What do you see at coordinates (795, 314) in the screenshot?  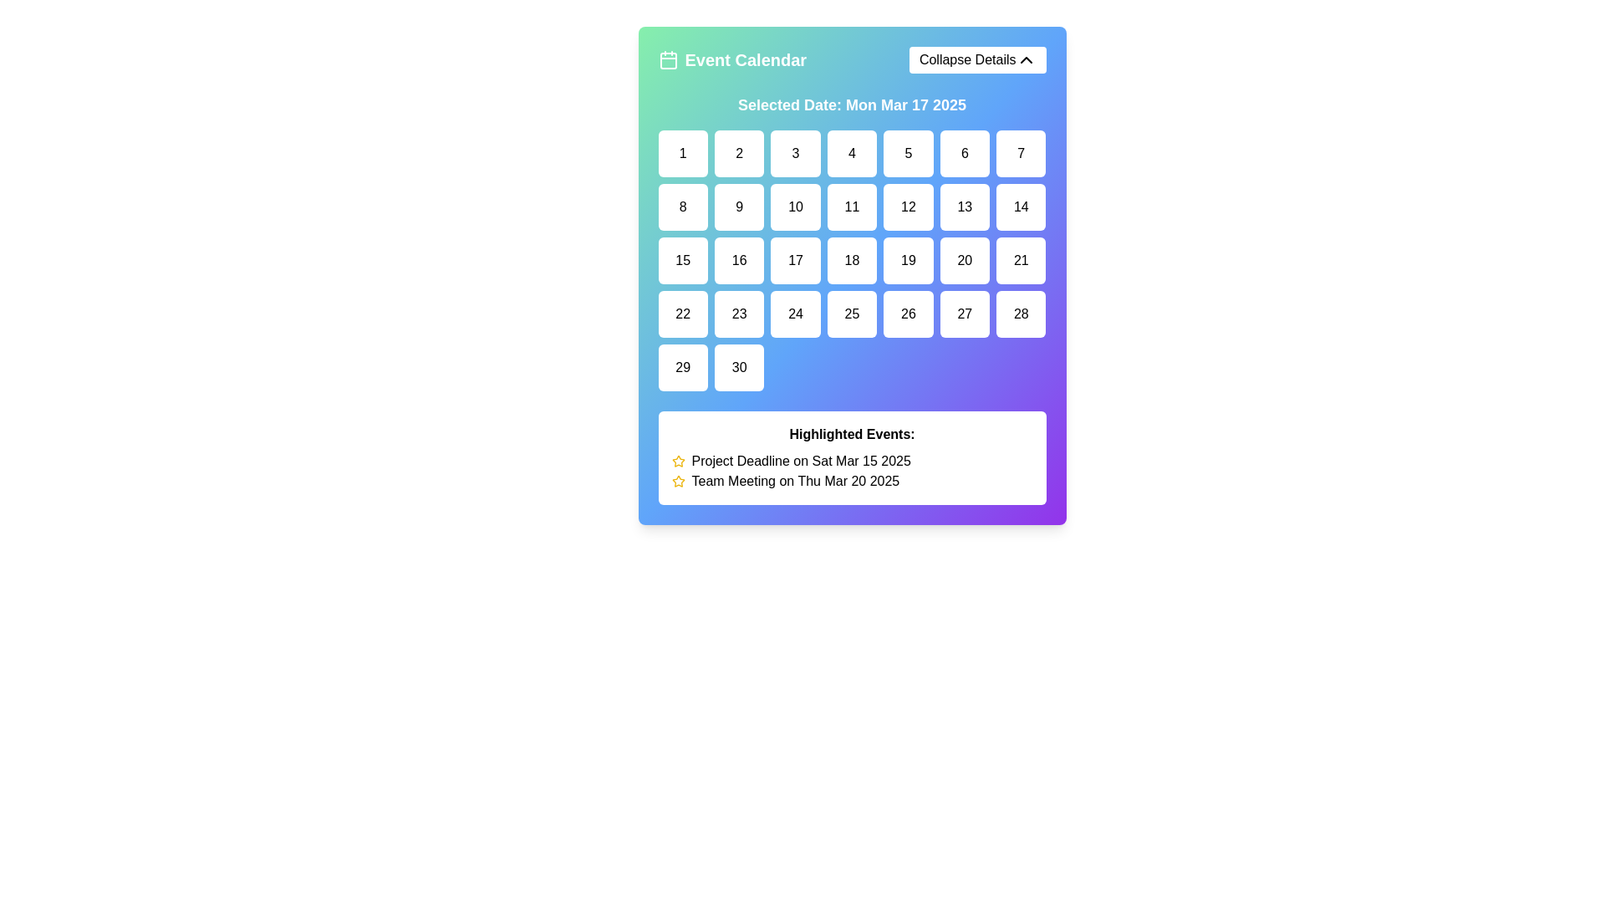 I see `the calendar button representing the 24th day` at bounding box center [795, 314].